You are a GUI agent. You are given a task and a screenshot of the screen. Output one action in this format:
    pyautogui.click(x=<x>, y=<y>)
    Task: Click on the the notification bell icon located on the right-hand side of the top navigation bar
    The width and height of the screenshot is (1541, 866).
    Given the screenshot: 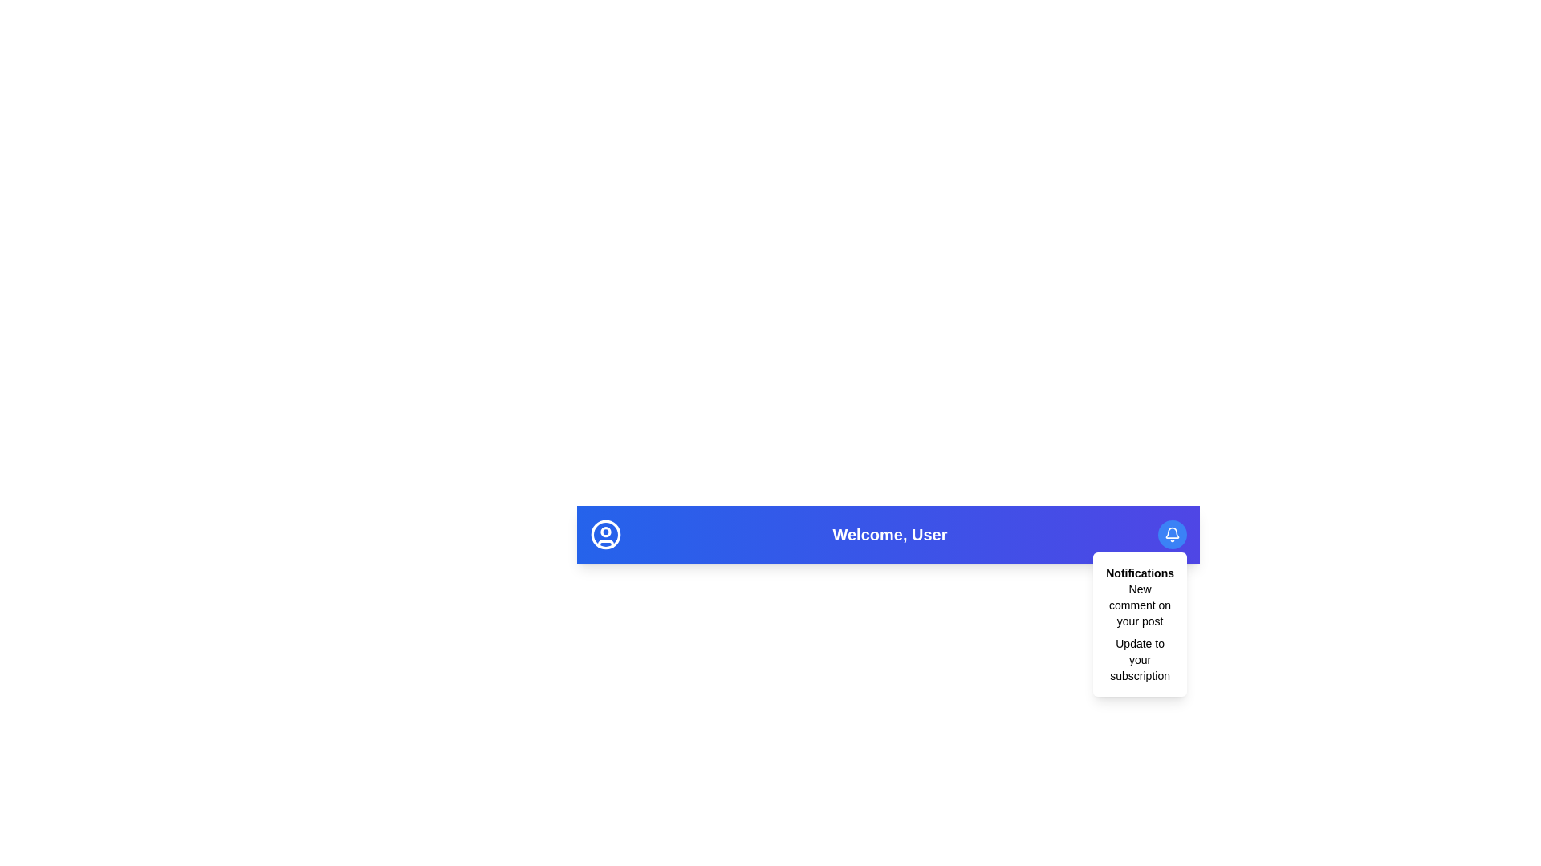 What is the action you would take?
    pyautogui.click(x=1172, y=532)
    